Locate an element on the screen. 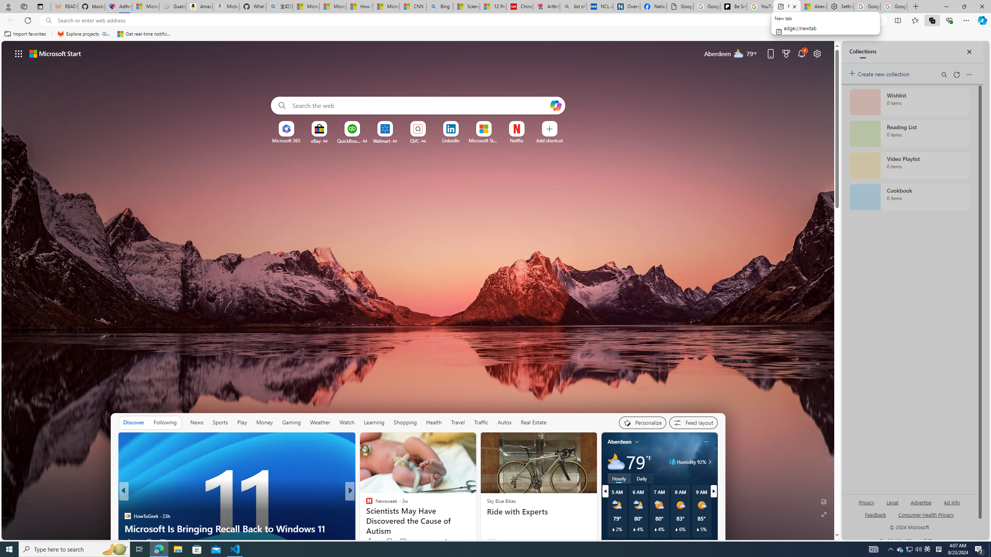  'Search icon' is located at coordinates (48, 21).